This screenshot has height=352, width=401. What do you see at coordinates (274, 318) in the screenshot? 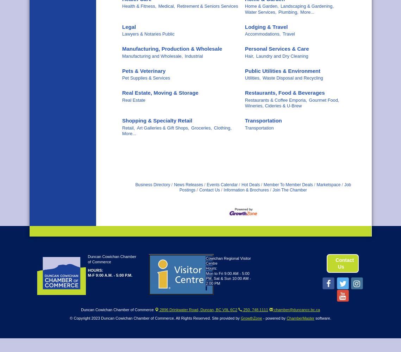
I see `'- powered by'` at bounding box center [274, 318].